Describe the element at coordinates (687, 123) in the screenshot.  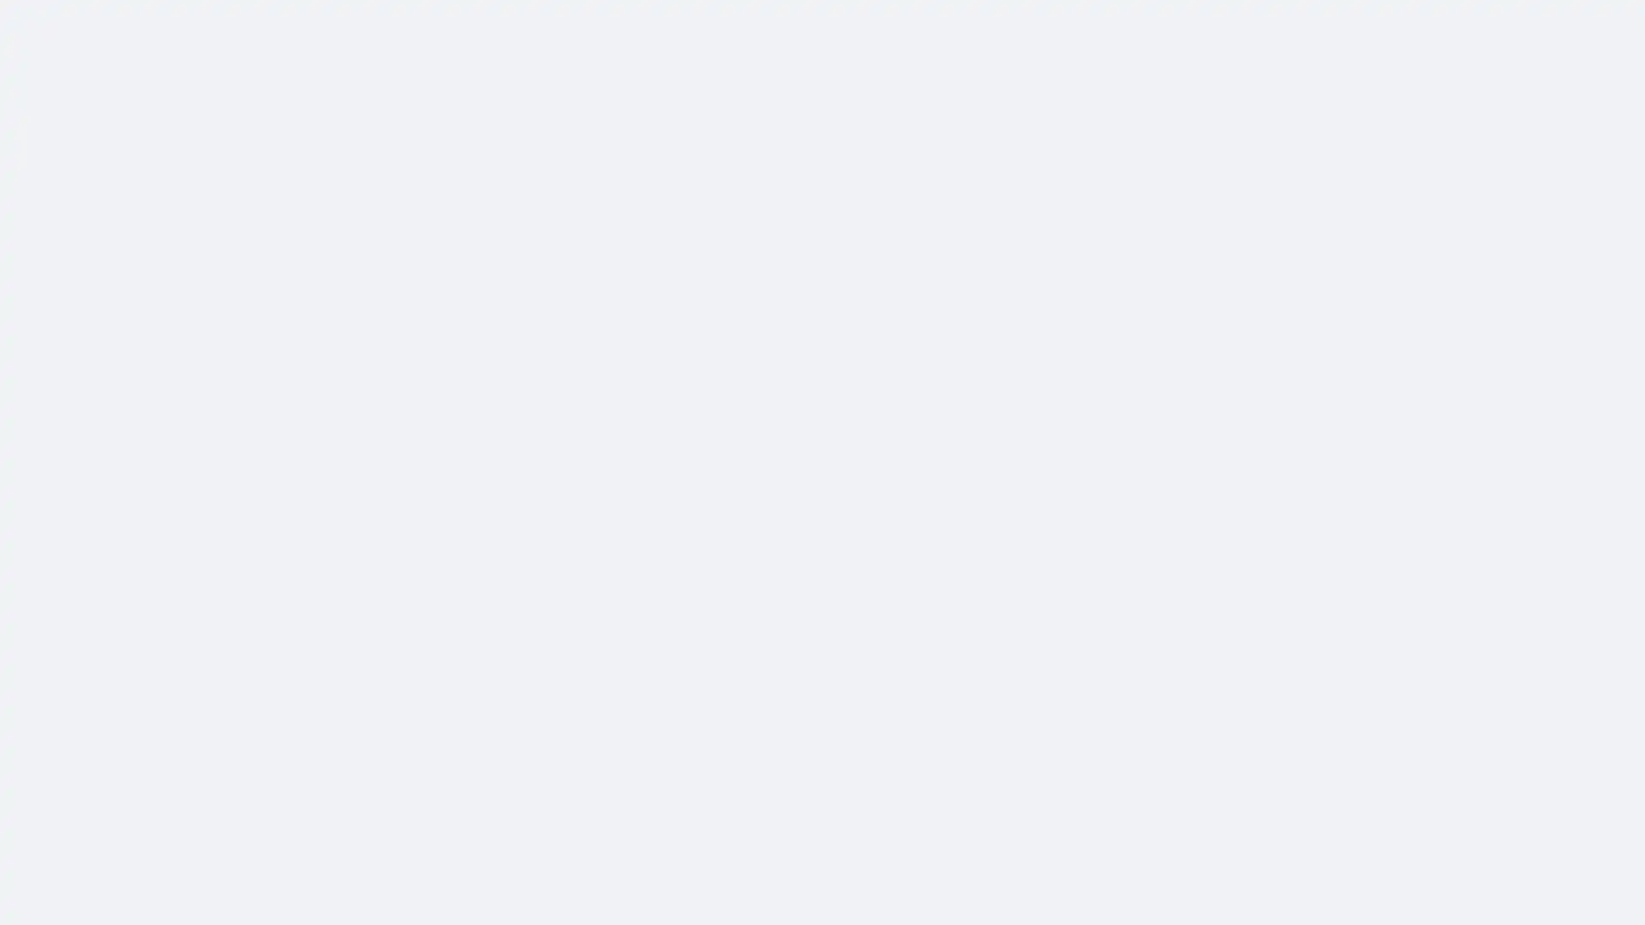
I see `Verified` at that location.